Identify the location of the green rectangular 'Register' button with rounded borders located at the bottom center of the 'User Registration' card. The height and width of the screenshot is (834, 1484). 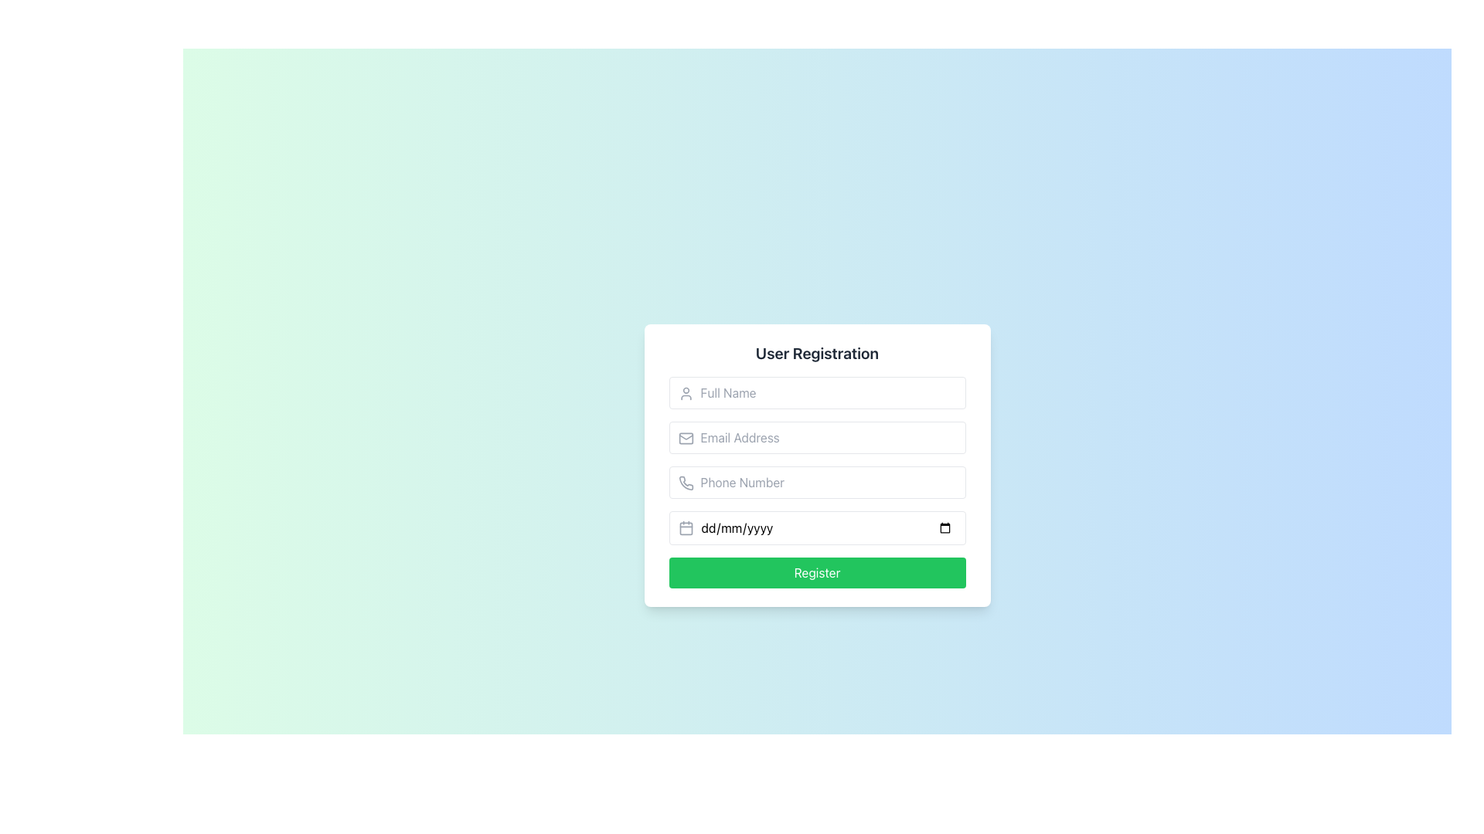
(816, 572).